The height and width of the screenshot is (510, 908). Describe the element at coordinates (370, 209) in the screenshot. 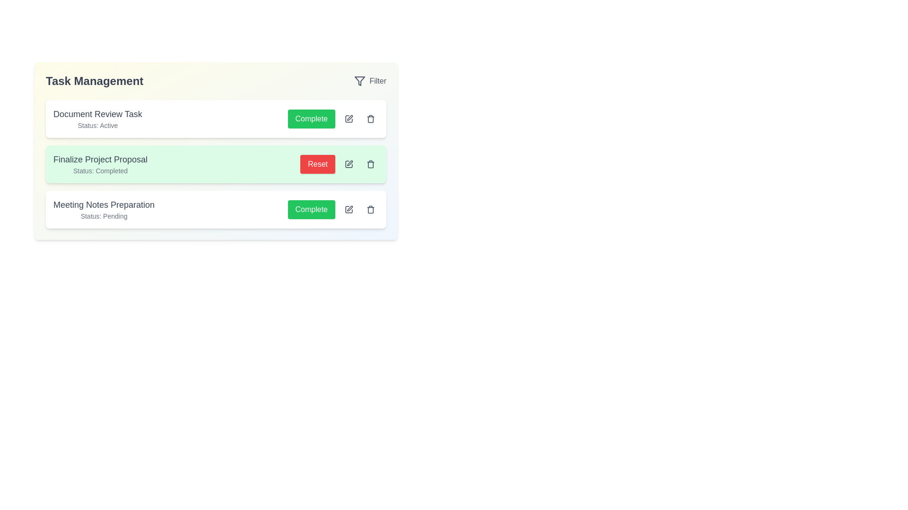

I see `the trash icon for the task named Meeting Notes Preparation` at that location.